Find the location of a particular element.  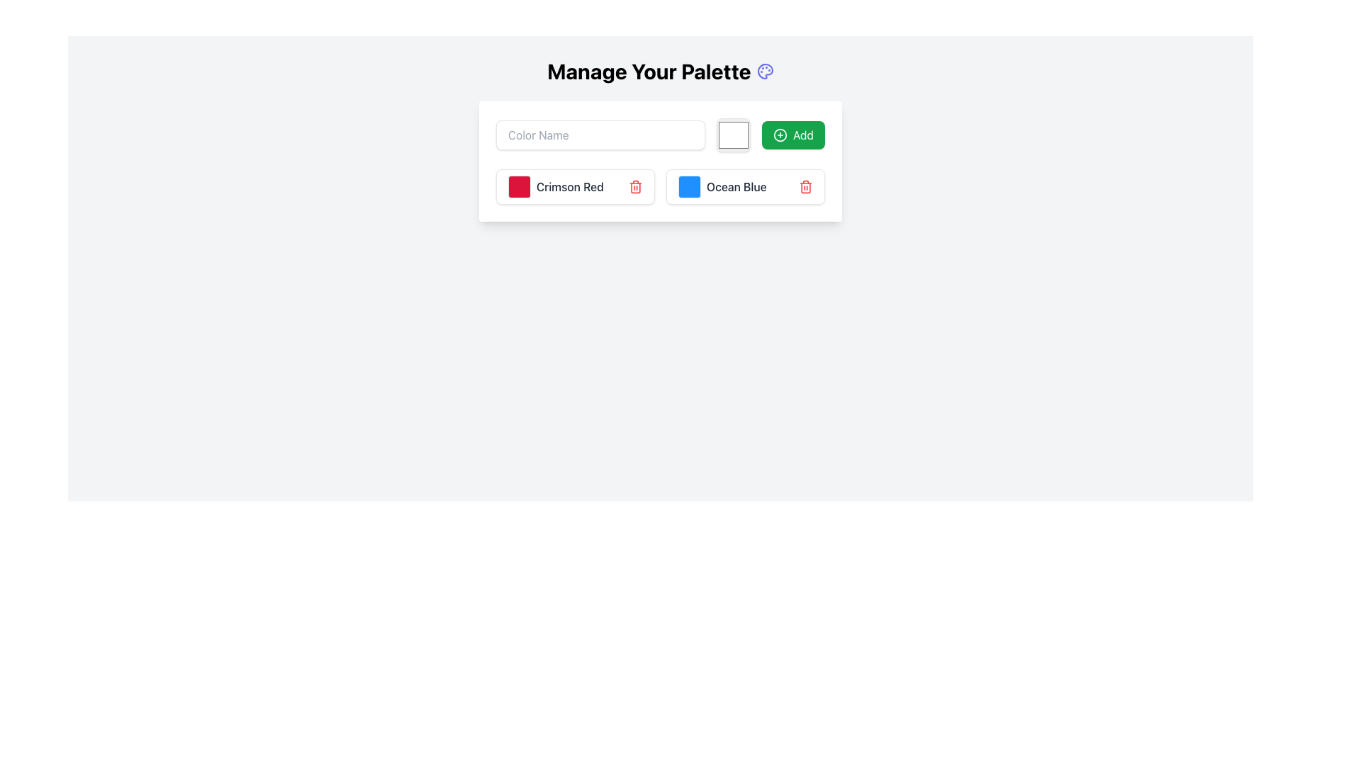

the circular 'Add' icon with a plus sign inside located within the green button is located at coordinates (779, 135).